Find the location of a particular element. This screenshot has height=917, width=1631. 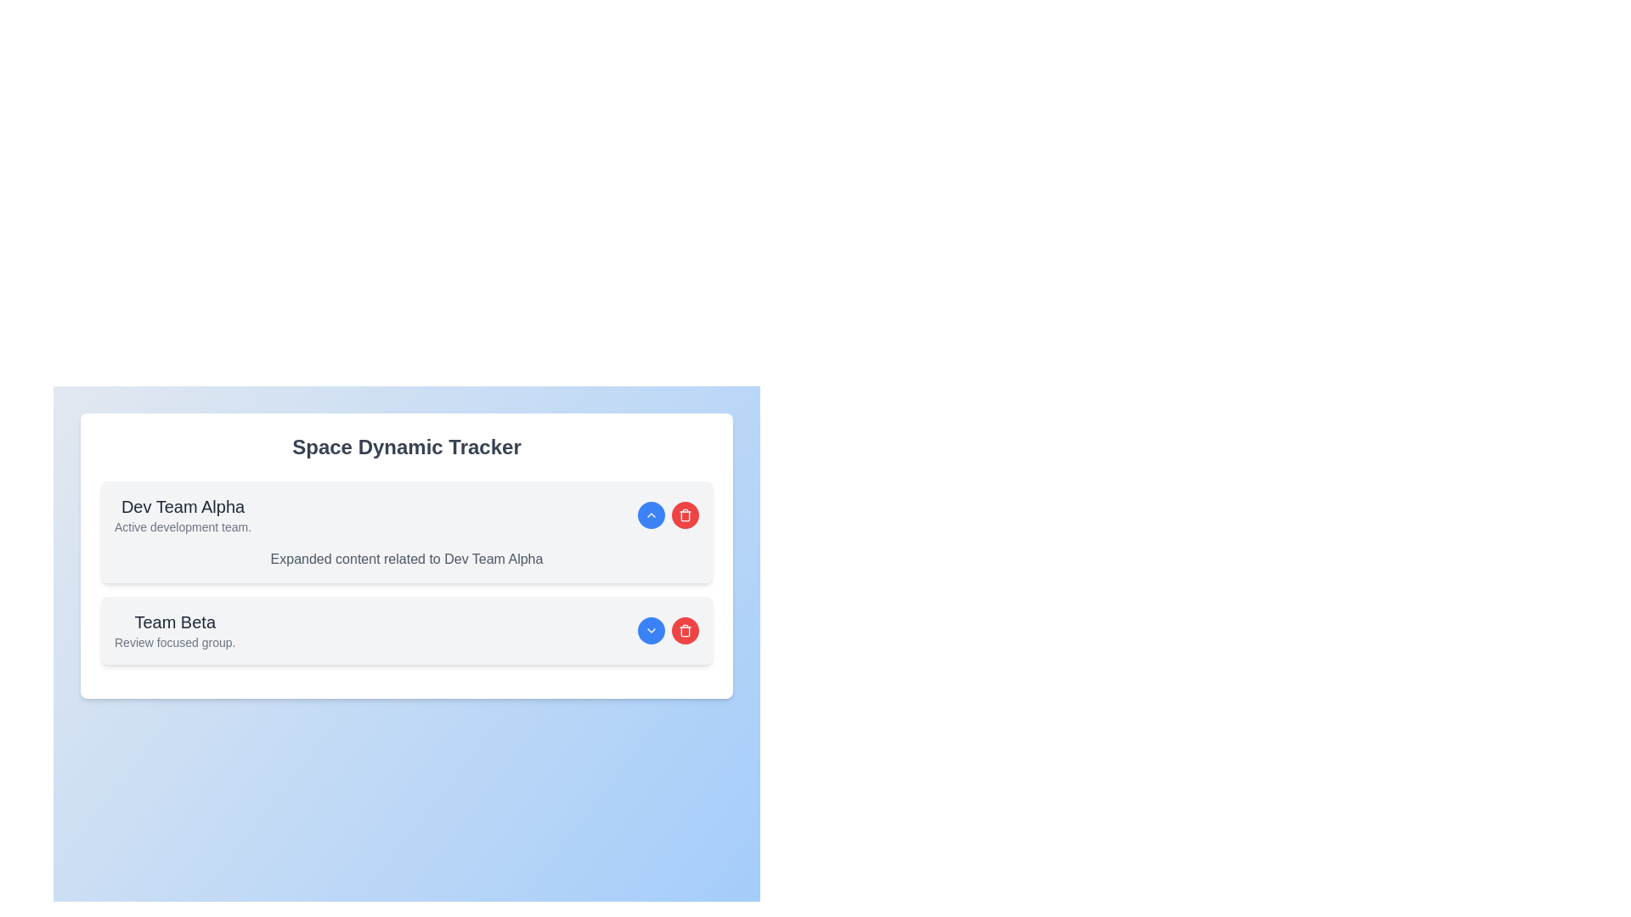

the red circular trash icon button located at the top right corner inside the 'Dev Team Alpha' card is located at coordinates (685, 514).